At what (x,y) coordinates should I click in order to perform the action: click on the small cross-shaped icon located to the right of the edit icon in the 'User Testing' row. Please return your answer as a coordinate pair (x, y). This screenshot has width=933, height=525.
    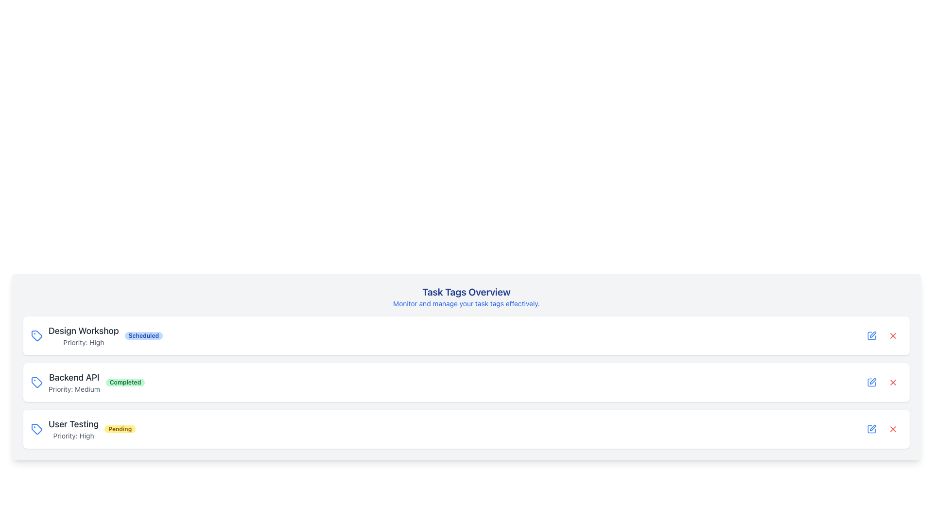
    Looking at the image, I should click on (893, 382).